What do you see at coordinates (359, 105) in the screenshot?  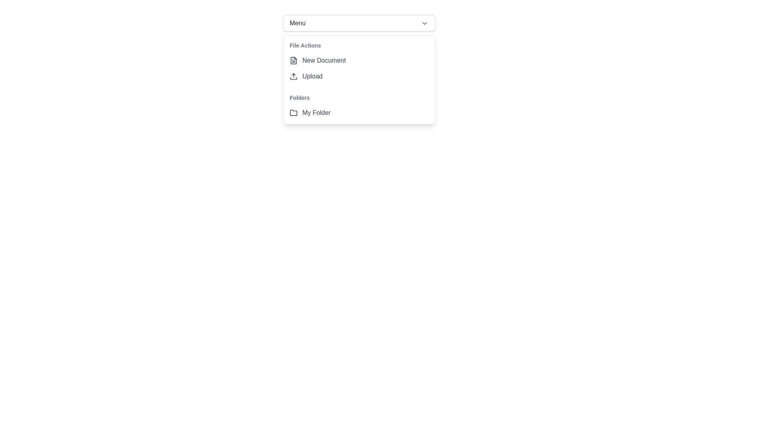 I see `the 'My Folder' menu item, which is the third section in the dropdown menu, to collapse or expand it` at bounding box center [359, 105].